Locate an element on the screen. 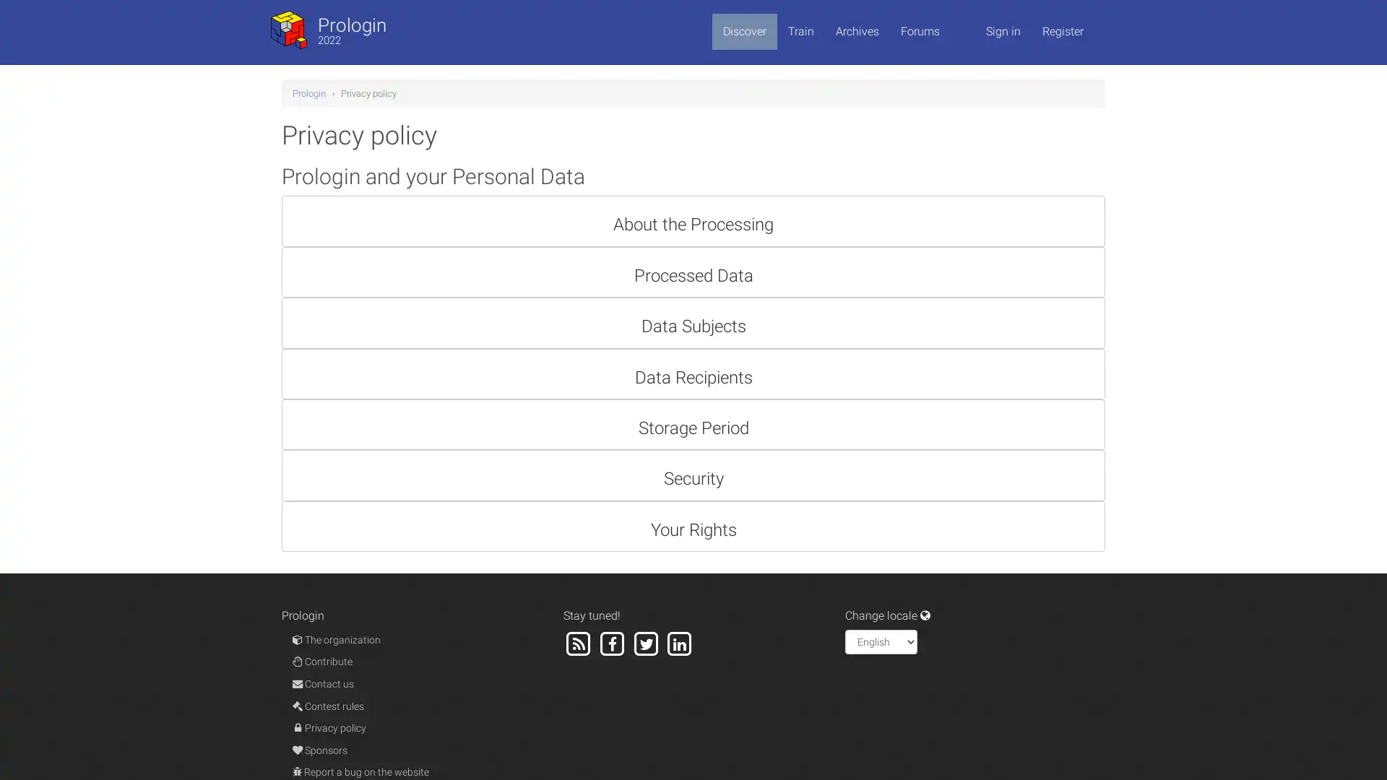  About the Processing is located at coordinates (693, 220).